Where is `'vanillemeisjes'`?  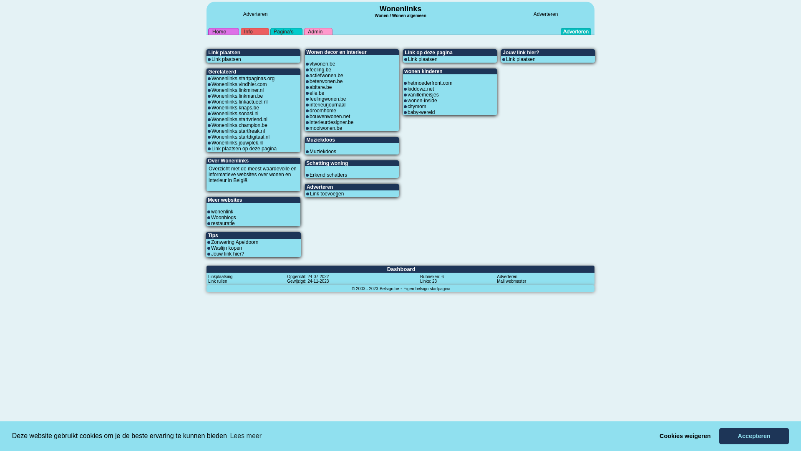 'vanillemeisjes' is located at coordinates (423, 94).